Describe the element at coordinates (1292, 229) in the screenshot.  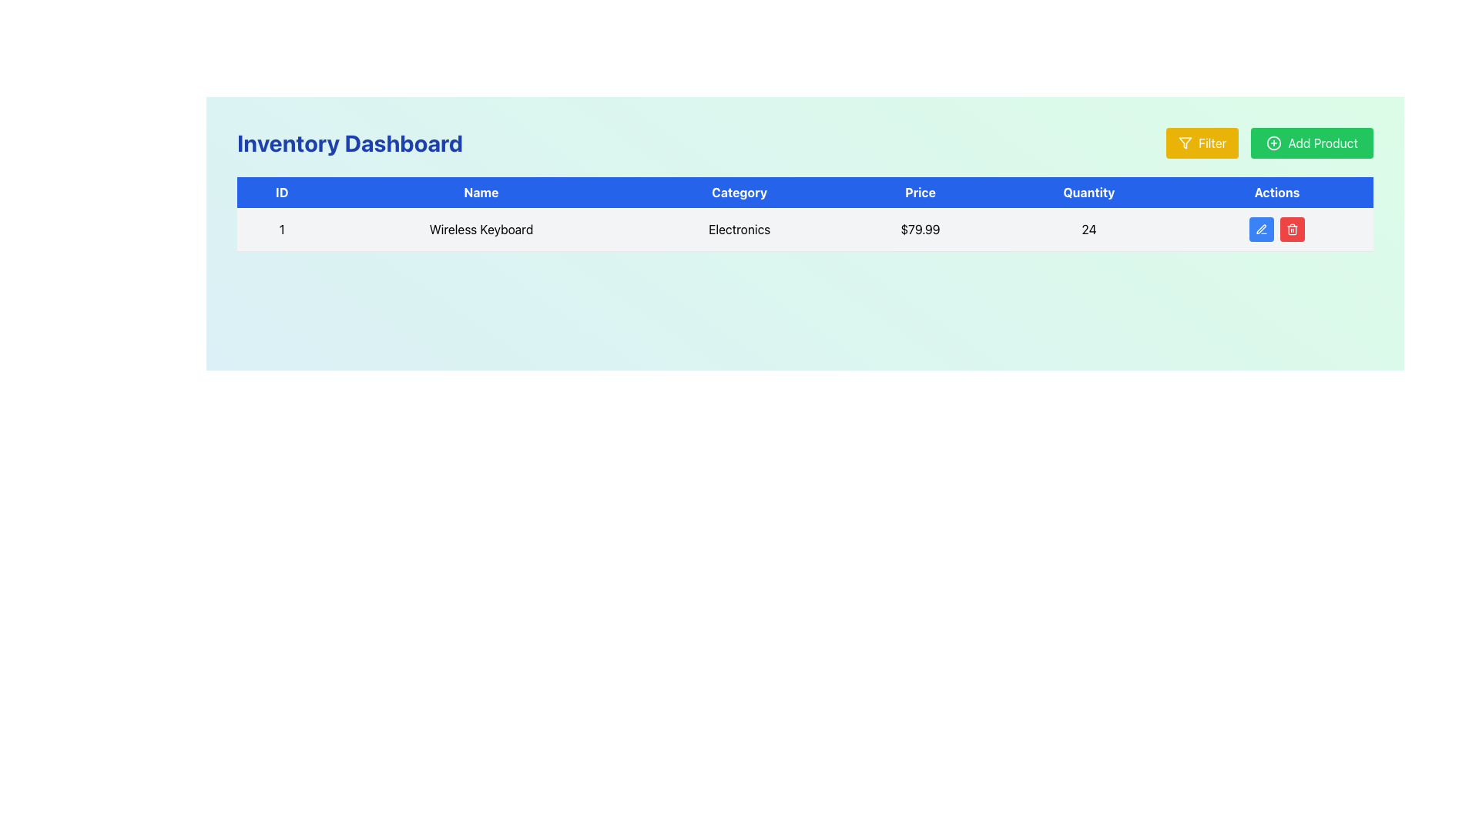
I see `the delete icon button located in the 'Actions' column for the inventory item 'Wireless Keyboard' to initiate a delete action` at that location.